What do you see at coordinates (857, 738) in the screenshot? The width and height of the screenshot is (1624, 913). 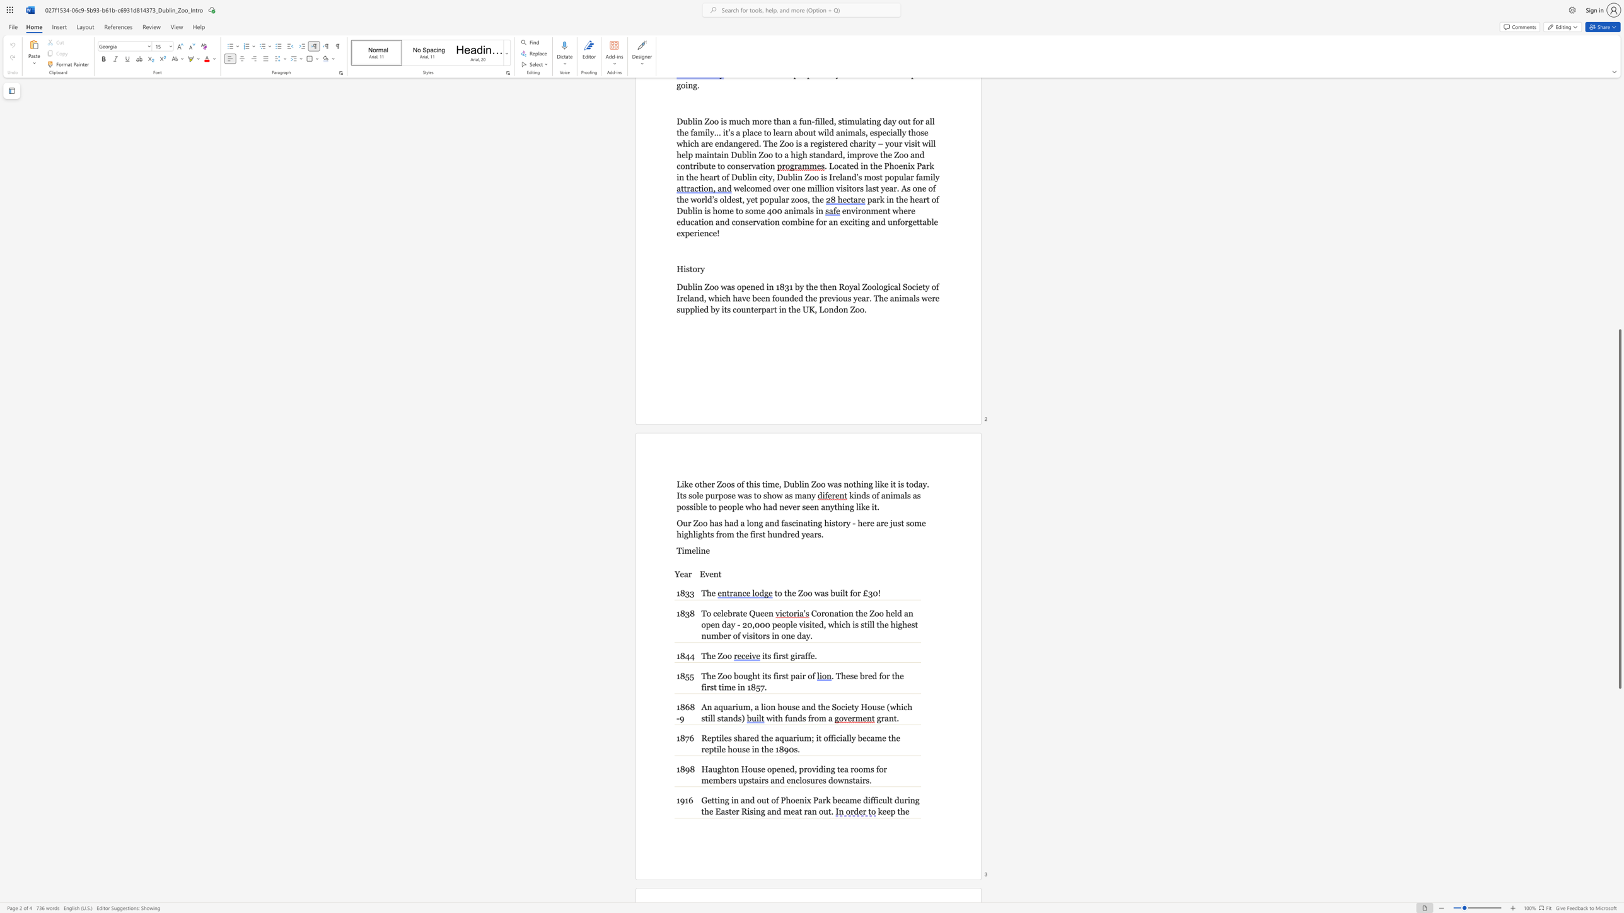 I see `the subset text "became the rept" within the text "Reptiles shared the aquarium; it officially became the reptile house in the 1890s."` at bounding box center [857, 738].